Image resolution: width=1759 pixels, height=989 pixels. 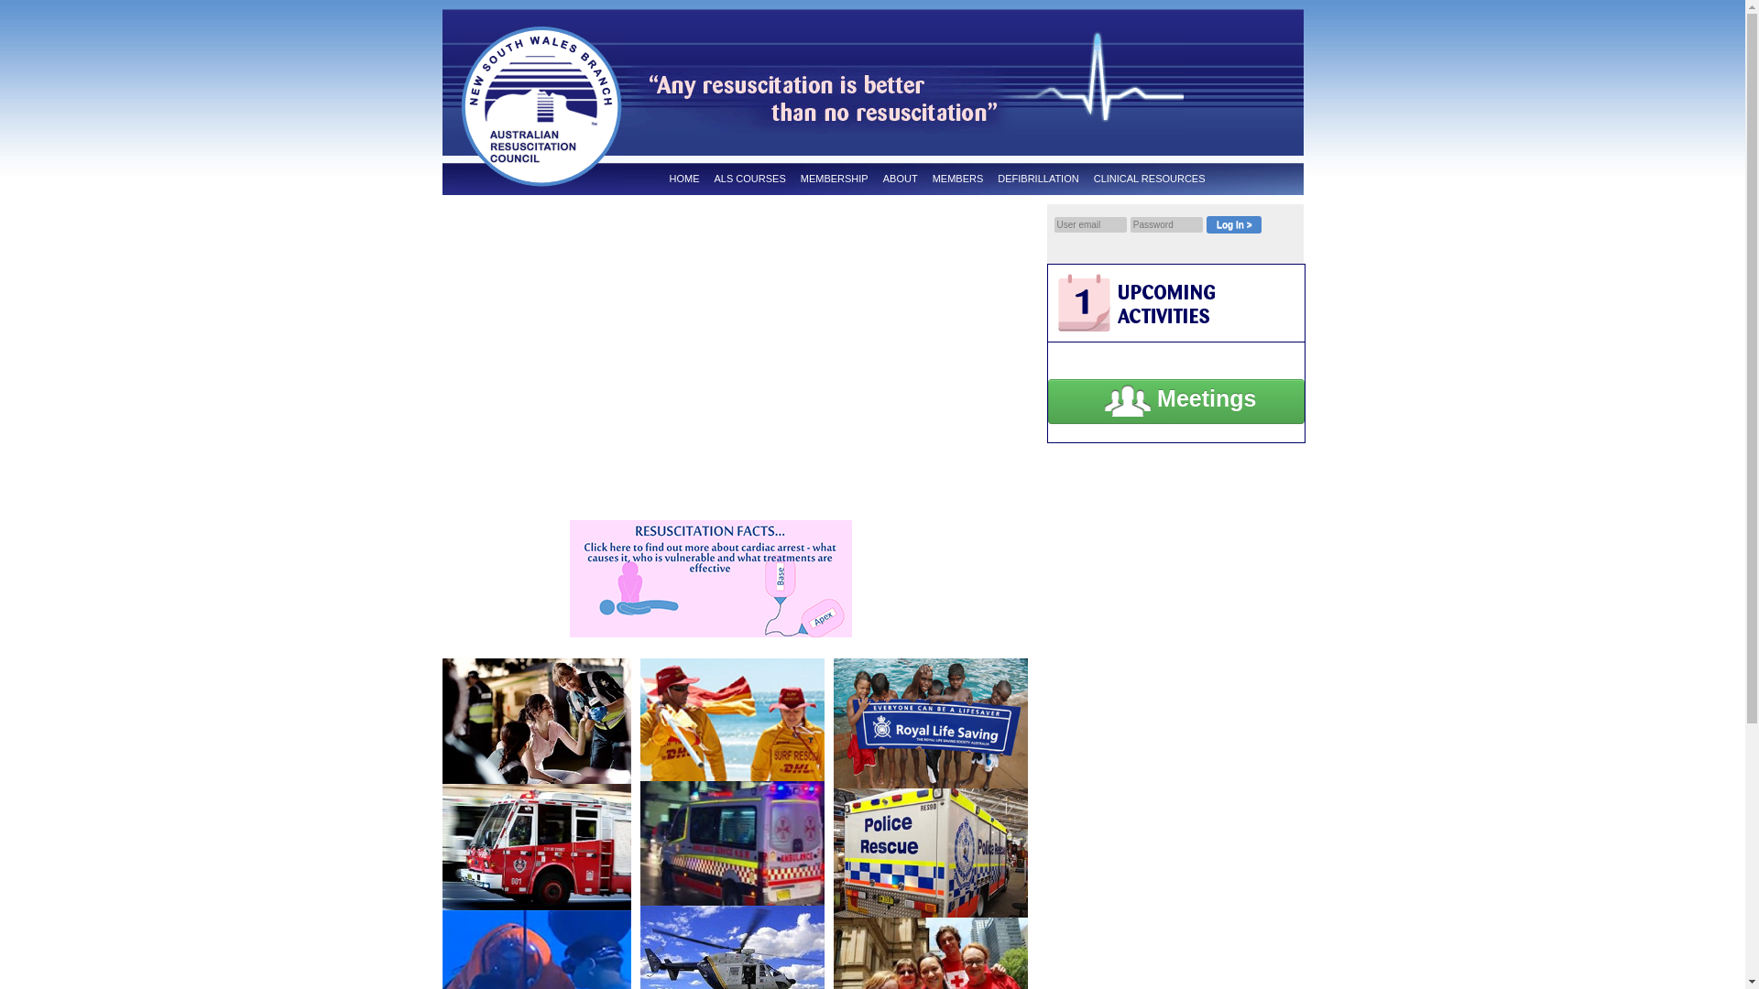 What do you see at coordinates (750, 179) in the screenshot?
I see `'ALS COURSES'` at bounding box center [750, 179].